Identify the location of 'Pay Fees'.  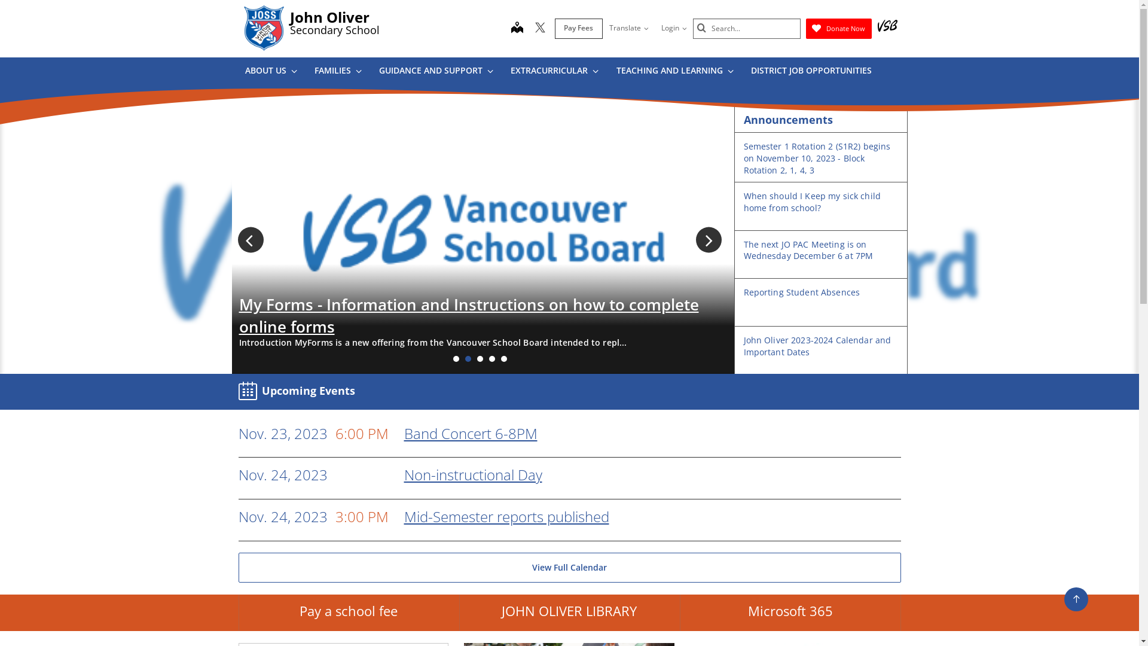
(579, 28).